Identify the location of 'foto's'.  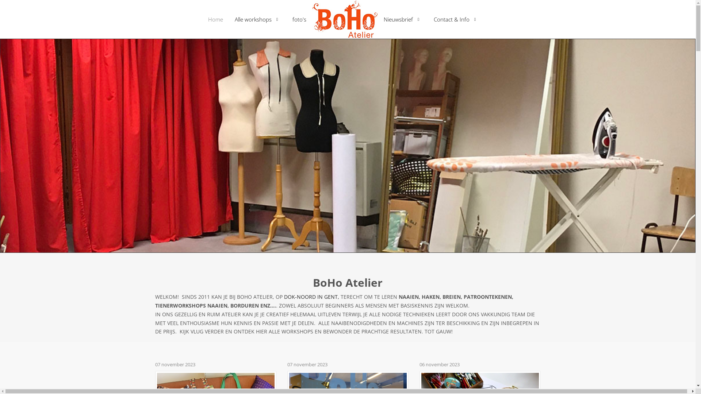
(286, 19).